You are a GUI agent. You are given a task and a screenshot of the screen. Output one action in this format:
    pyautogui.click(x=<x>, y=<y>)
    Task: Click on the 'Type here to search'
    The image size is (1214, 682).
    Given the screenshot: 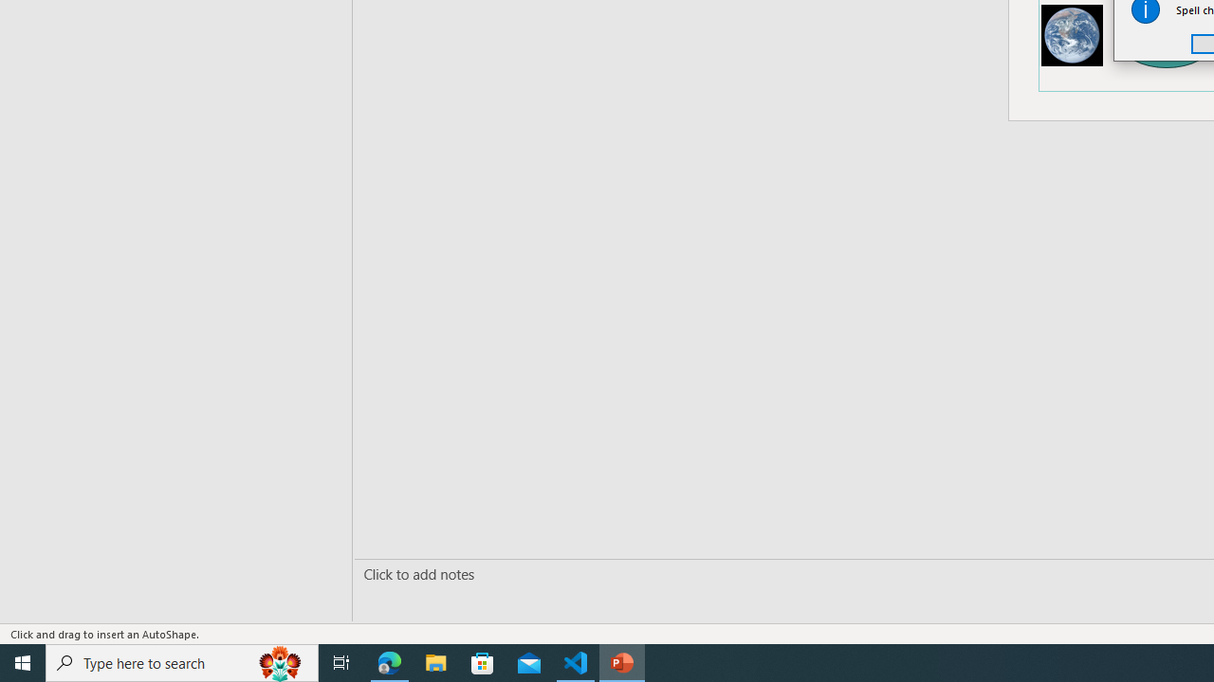 What is the action you would take?
    pyautogui.click(x=182, y=661)
    